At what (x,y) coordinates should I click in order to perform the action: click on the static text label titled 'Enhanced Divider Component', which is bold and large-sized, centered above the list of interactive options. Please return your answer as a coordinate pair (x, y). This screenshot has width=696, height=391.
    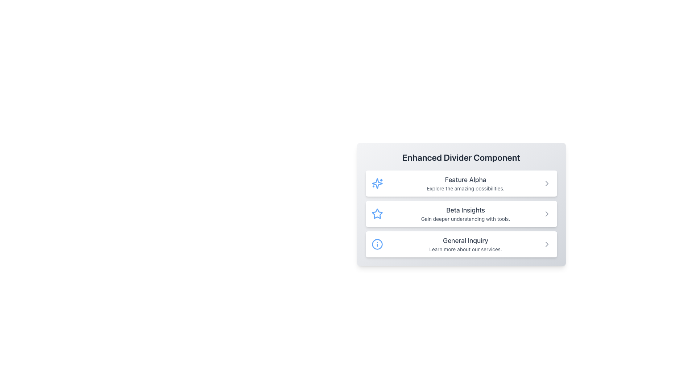
    Looking at the image, I should click on (461, 157).